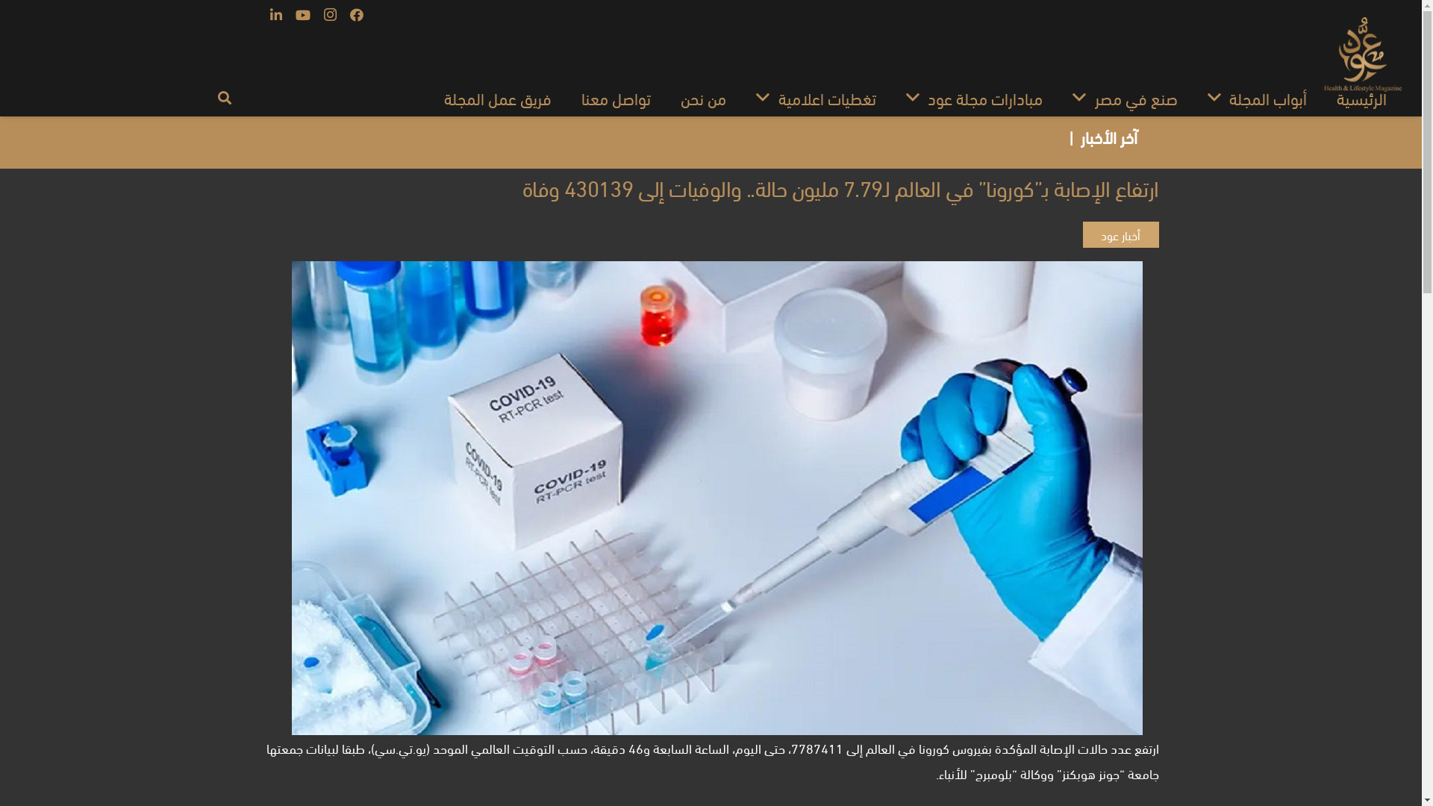 This screenshot has height=806, width=1433. What do you see at coordinates (275, 14) in the screenshot?
I see `'LinkedIn'` at bounding box center [275, 14].